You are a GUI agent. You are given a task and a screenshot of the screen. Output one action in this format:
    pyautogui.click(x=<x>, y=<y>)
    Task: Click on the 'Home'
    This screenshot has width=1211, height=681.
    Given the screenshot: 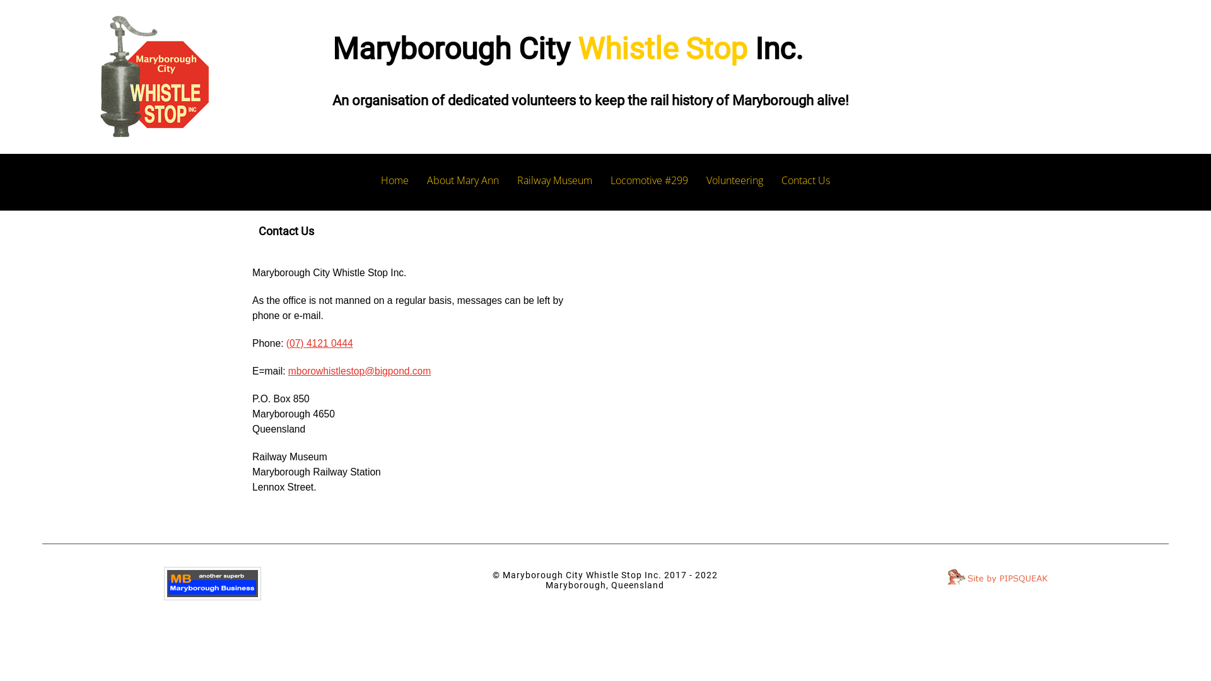 What is the action you would take?
    pyautogui.click(x=394, y=180)
    